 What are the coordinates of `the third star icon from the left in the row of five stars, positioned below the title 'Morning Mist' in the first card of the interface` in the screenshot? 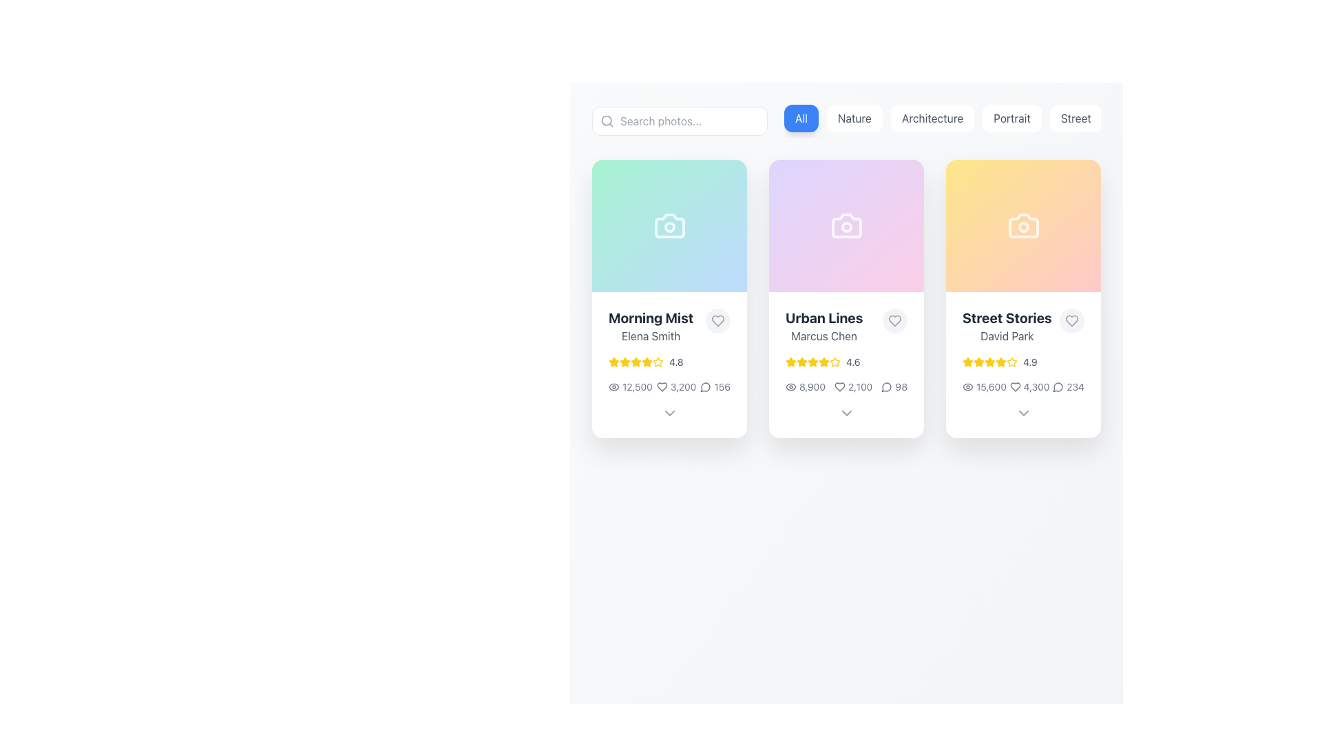 It's located at (624, 361).